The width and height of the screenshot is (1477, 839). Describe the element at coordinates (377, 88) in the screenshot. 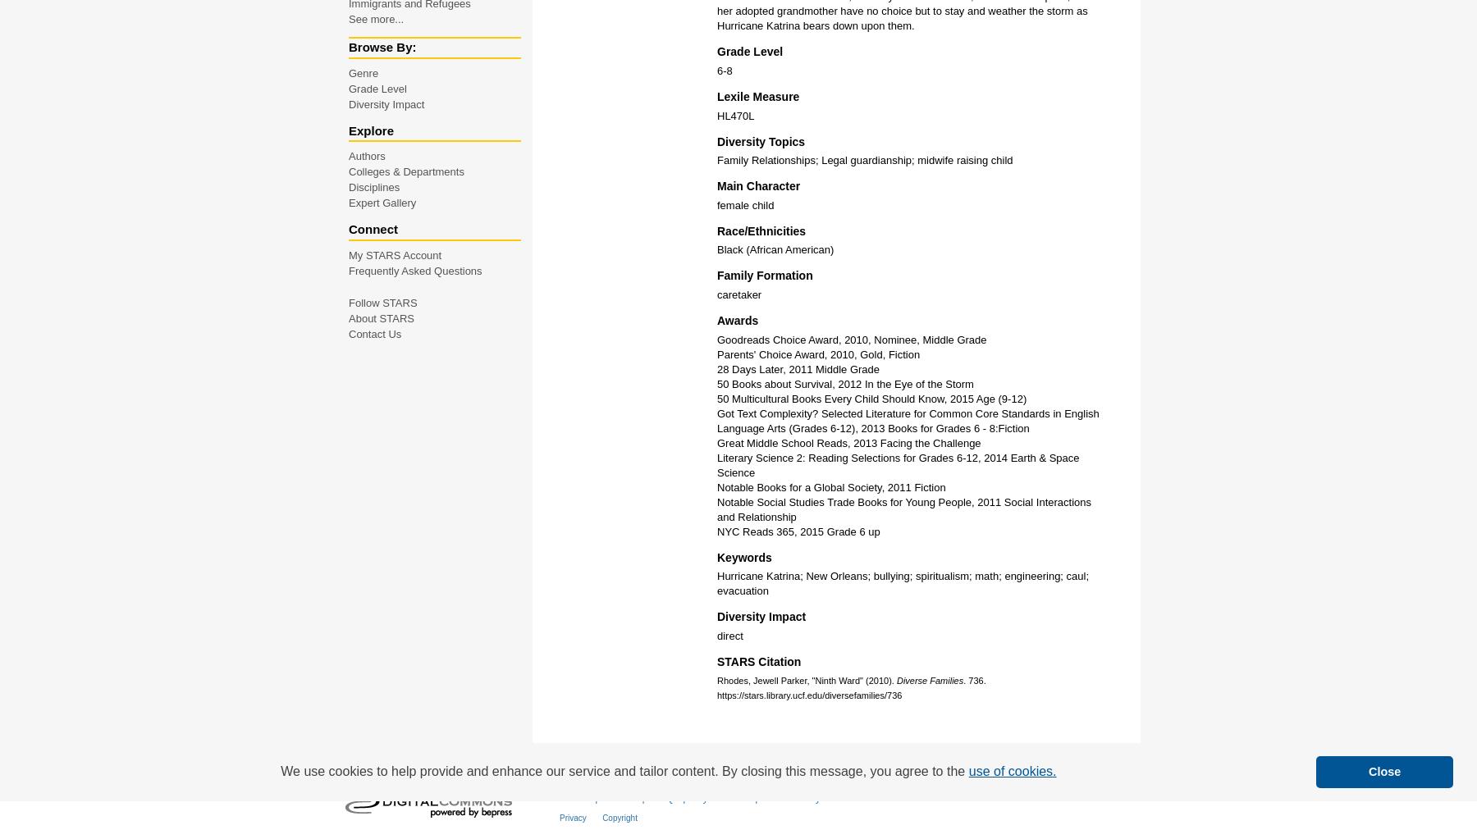

I see `'Grade Level'` at that location.